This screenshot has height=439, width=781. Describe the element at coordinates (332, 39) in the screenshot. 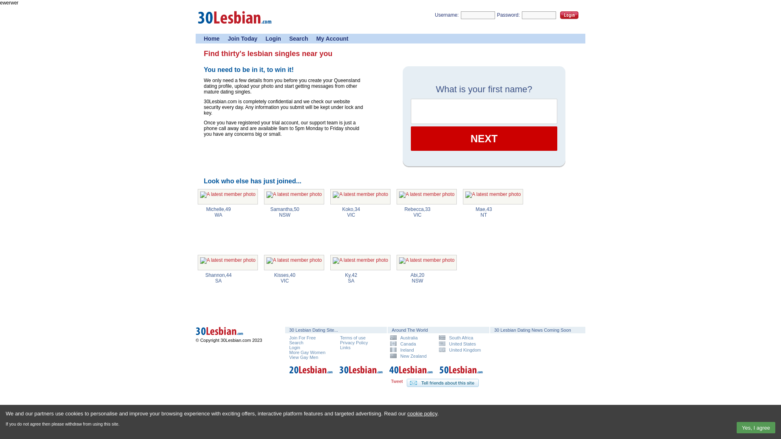

I see `'My Account'` at that location.